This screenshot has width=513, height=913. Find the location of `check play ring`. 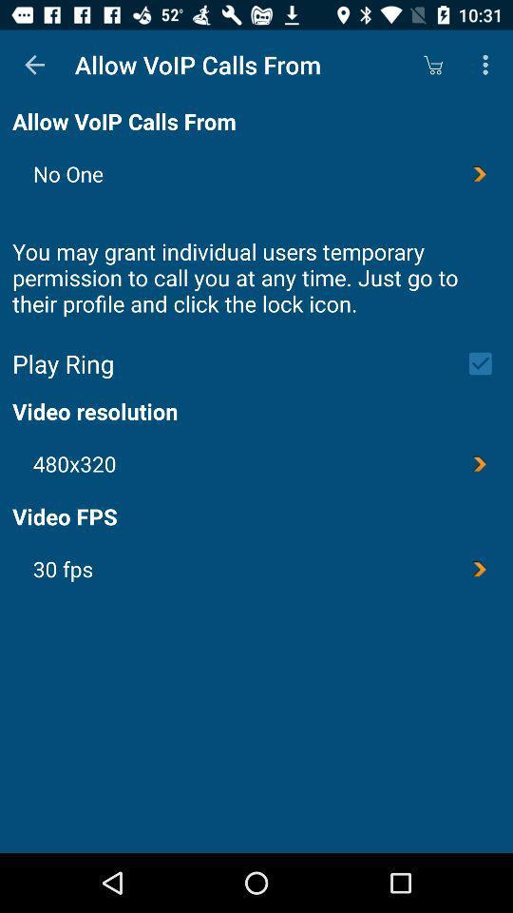

check play ring is located at coordinates (486, 362).